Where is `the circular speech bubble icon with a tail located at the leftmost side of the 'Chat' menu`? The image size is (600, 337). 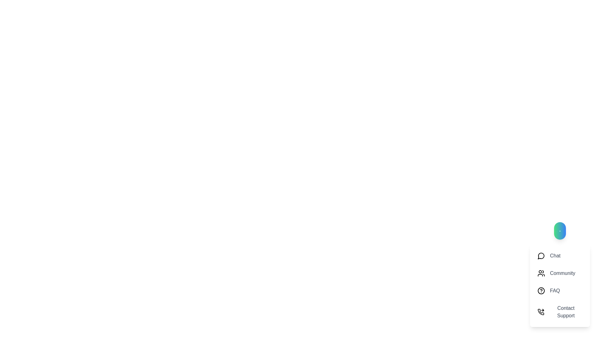
the circular speech bubble icon with a tail located at the leftmost side of the 'Chat' menu is located at coordinates (541, 256).